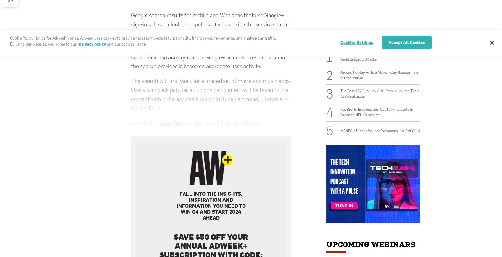  I want to click on 'Google+ social login in February.', so click(222, 122).